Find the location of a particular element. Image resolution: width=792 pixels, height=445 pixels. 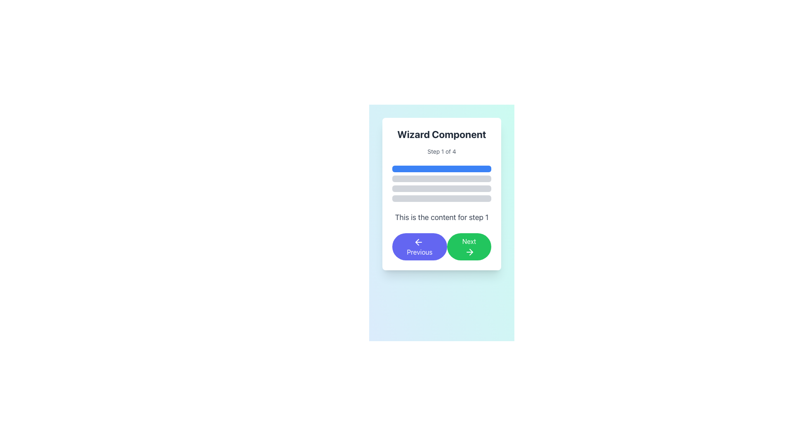

the bold, large-sized text label stating 'Wizard Component' located at the top of the wizard component card is located at coordinates (441, 134).